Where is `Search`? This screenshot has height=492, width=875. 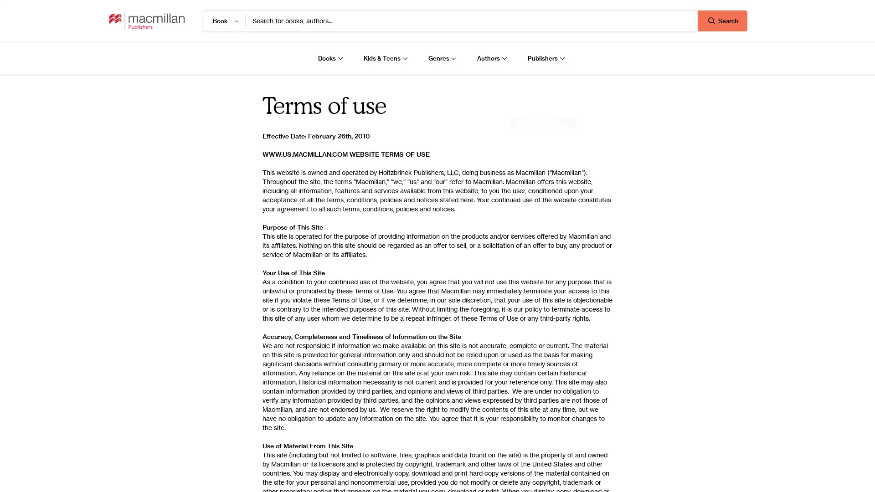 Search is located at coordinates (722, 20).